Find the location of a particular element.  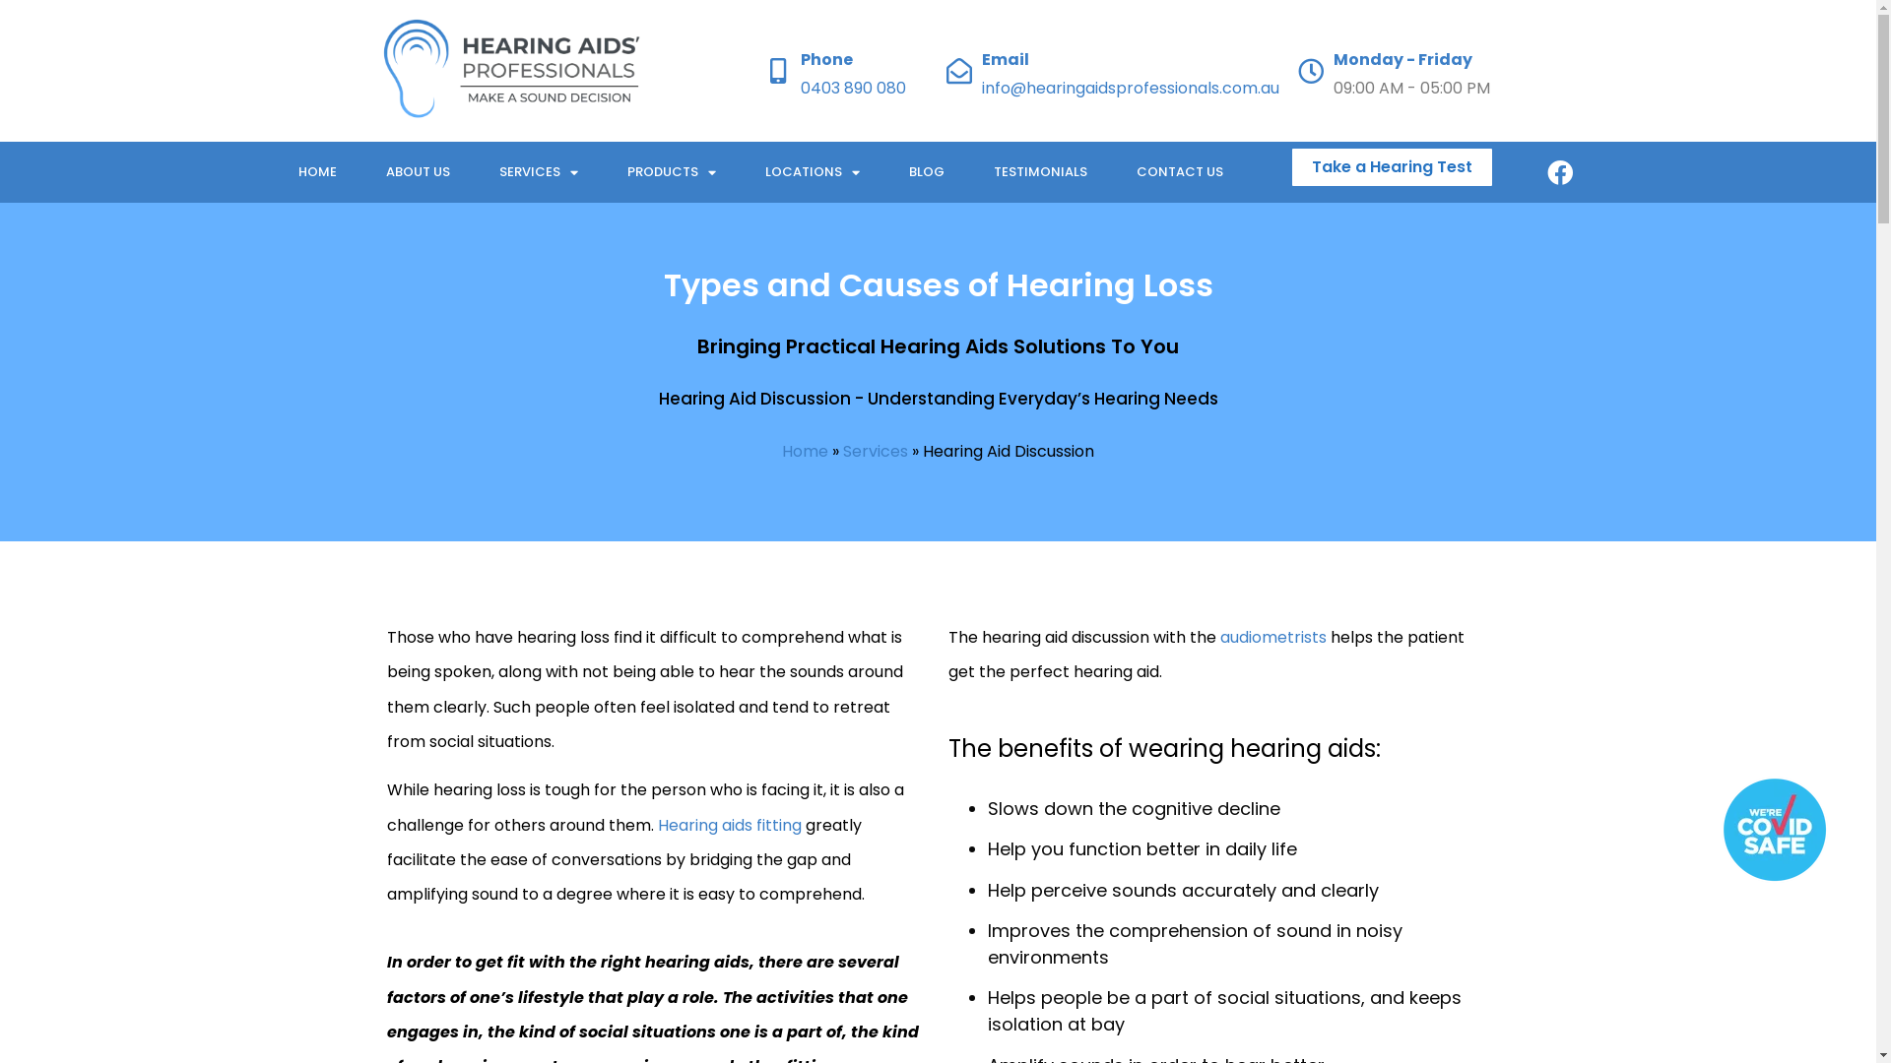

'ABOUT US' is located at coordinates (416, 170).